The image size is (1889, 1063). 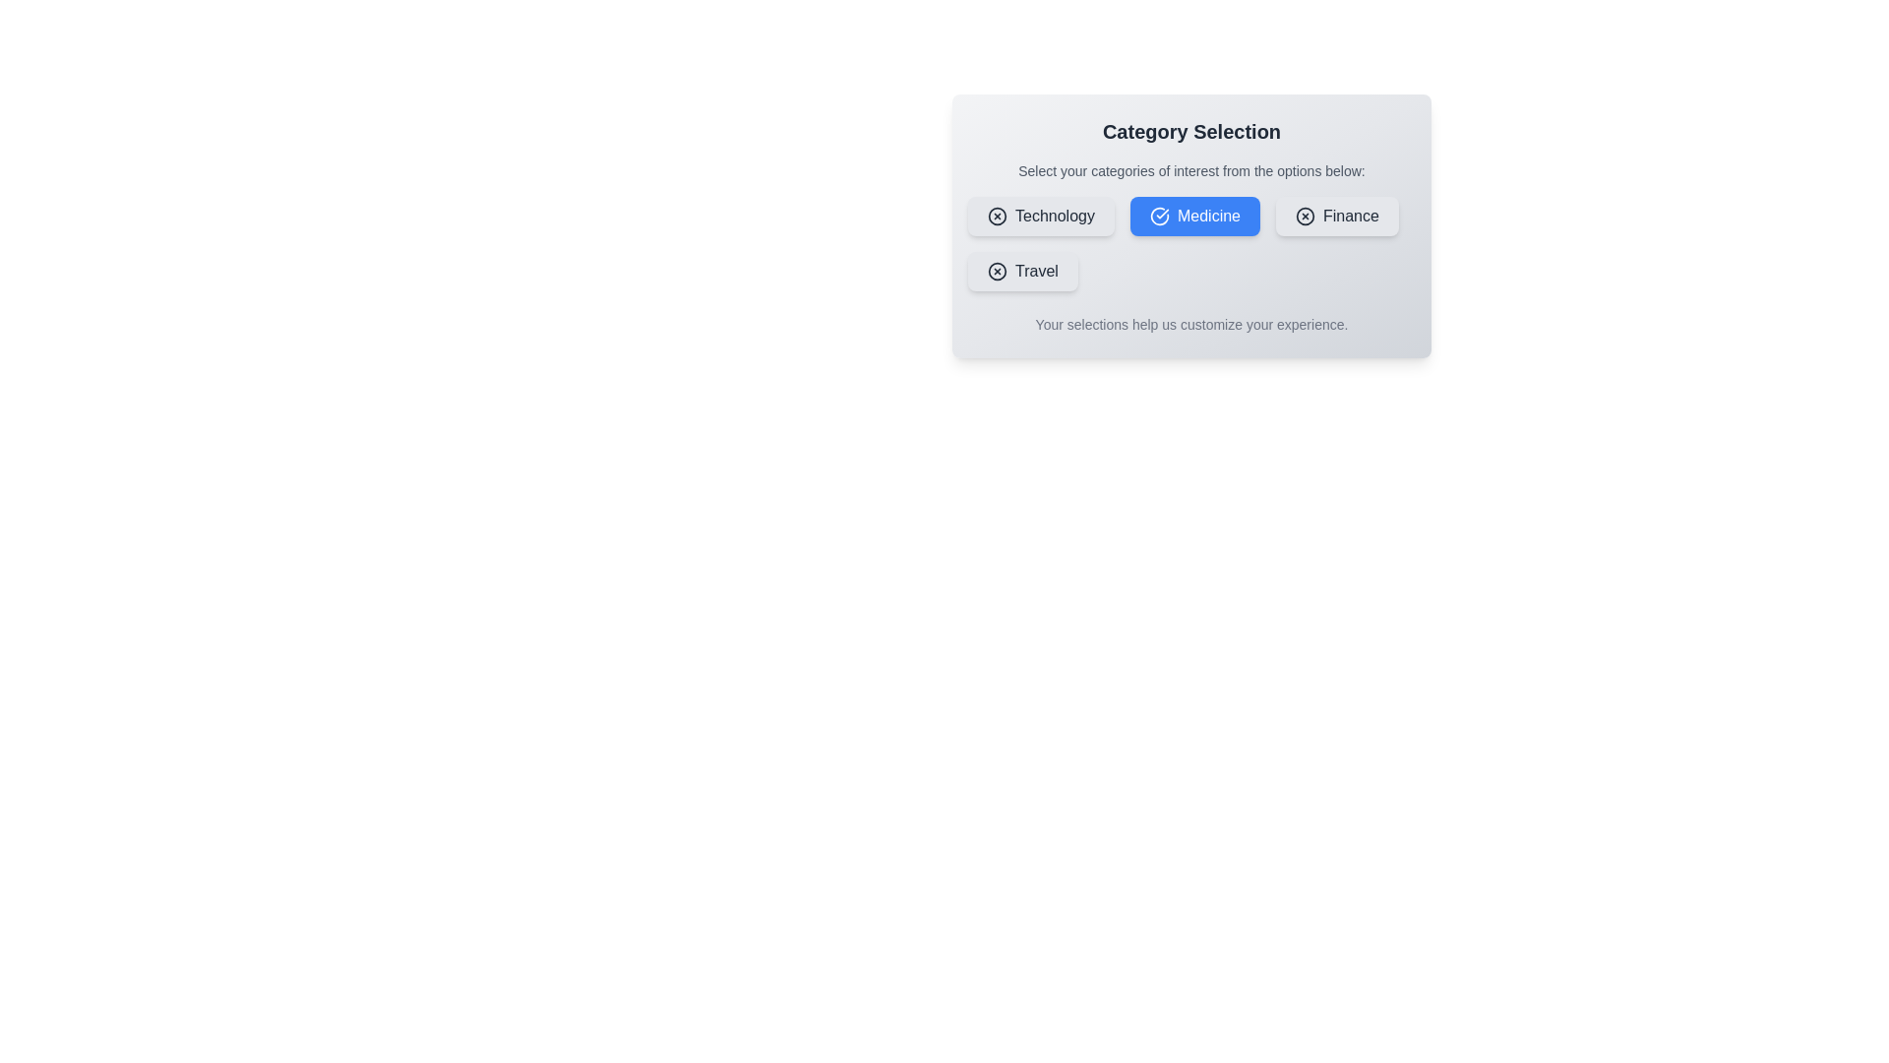 I want to click on the category button labeled 'Medicine' to observe its hover effect, so click(x=1193, y=216).